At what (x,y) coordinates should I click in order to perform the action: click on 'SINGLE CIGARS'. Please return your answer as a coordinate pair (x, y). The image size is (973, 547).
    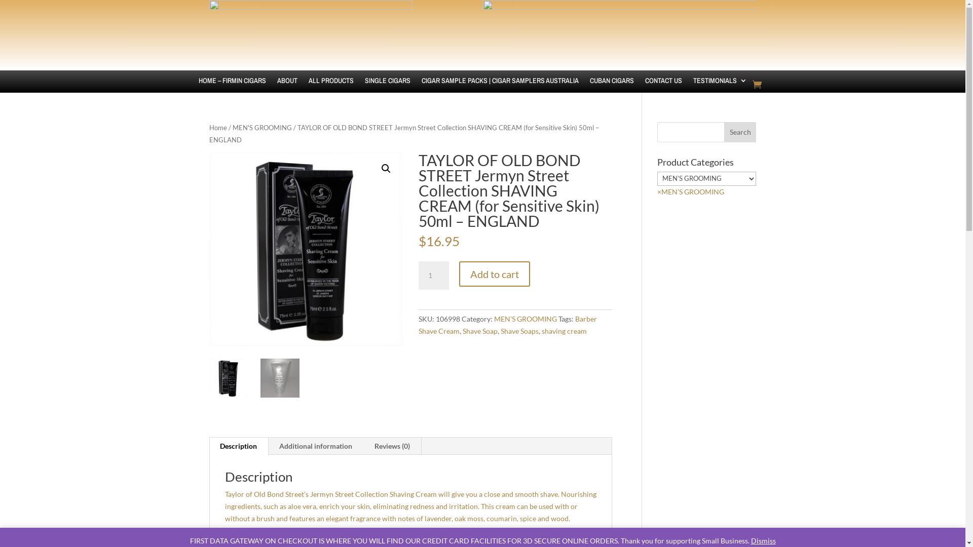
    Looking at the image, I should click on (387, 87).